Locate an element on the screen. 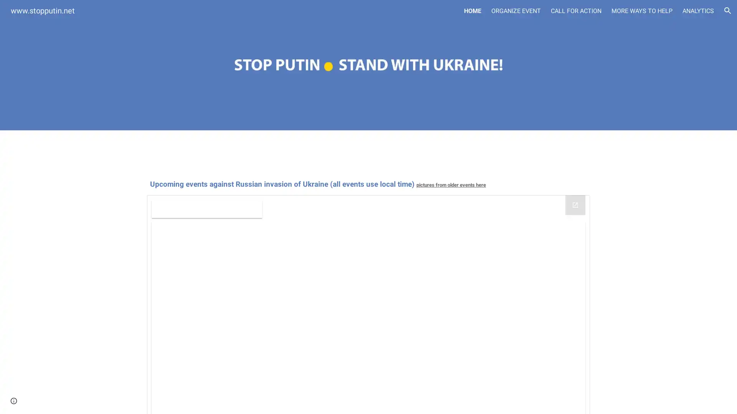 The width and height of the screenshot is (737, 414). Copy heading link is located at coordinates (494, 184).